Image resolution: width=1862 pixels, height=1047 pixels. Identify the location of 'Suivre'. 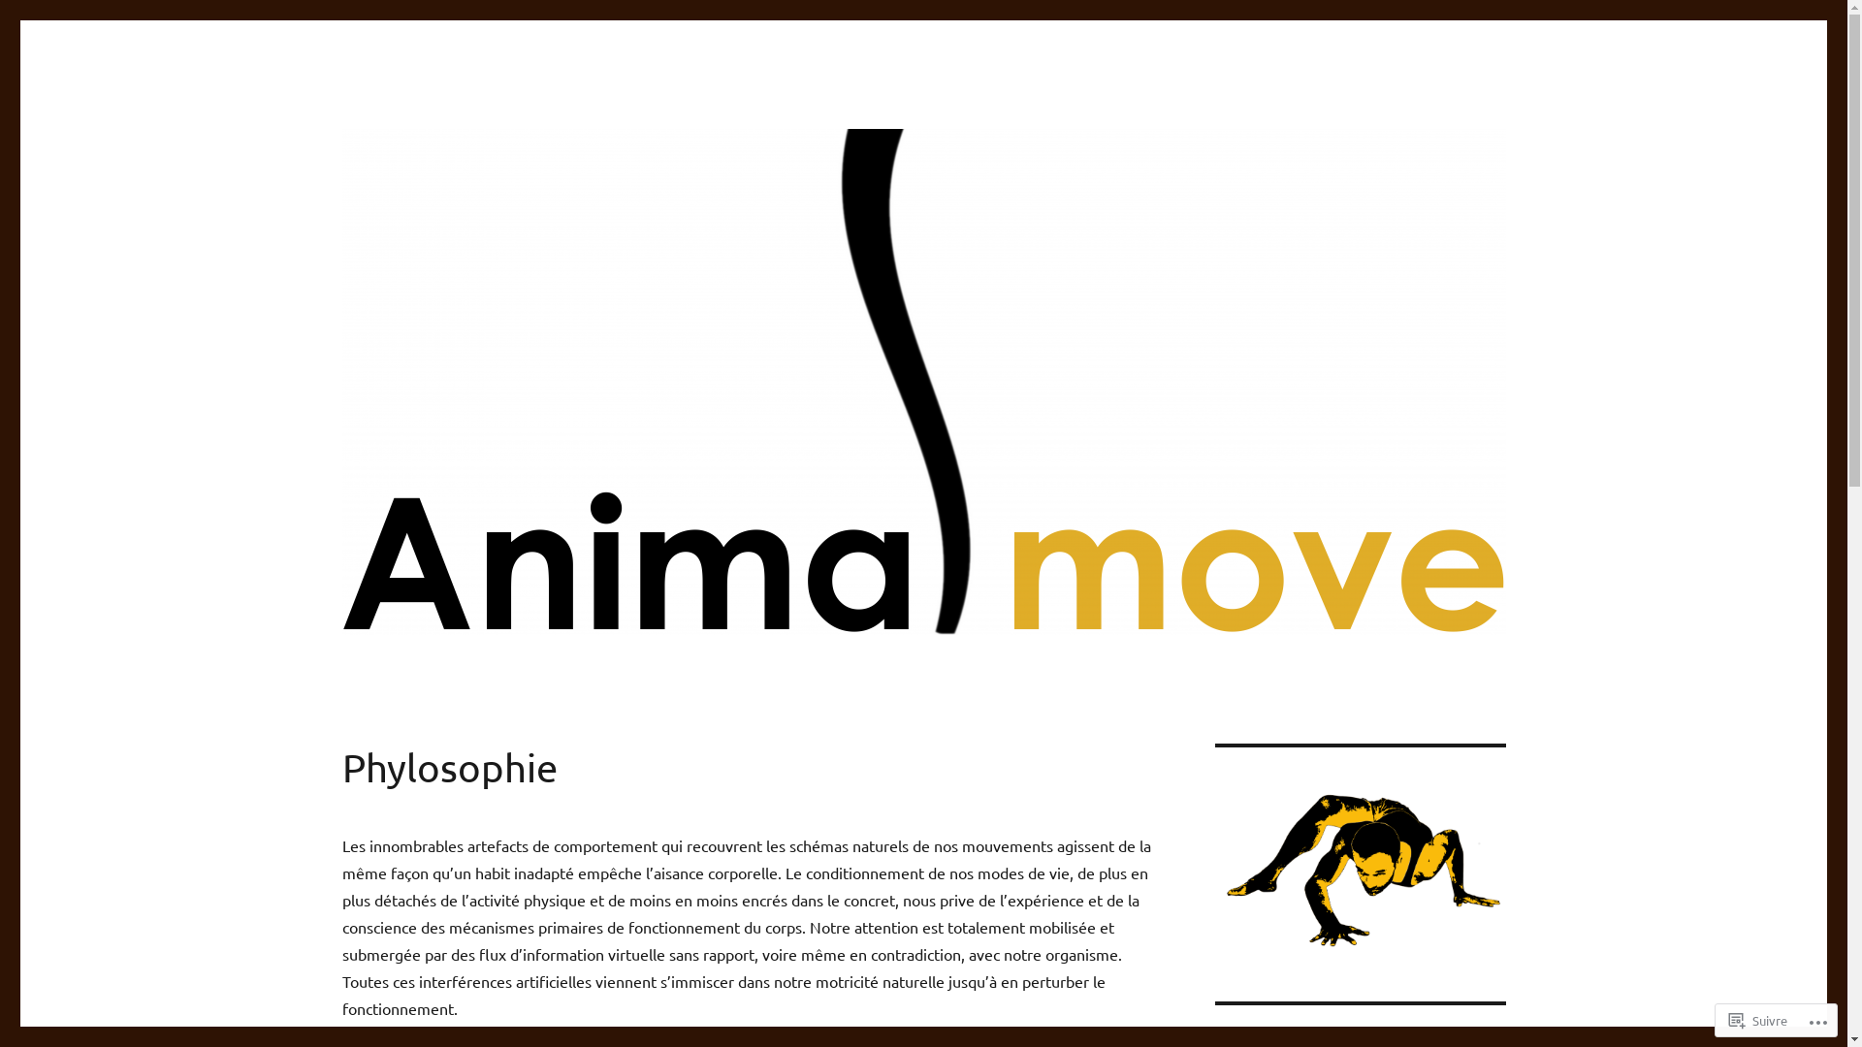
(1721, 1019).